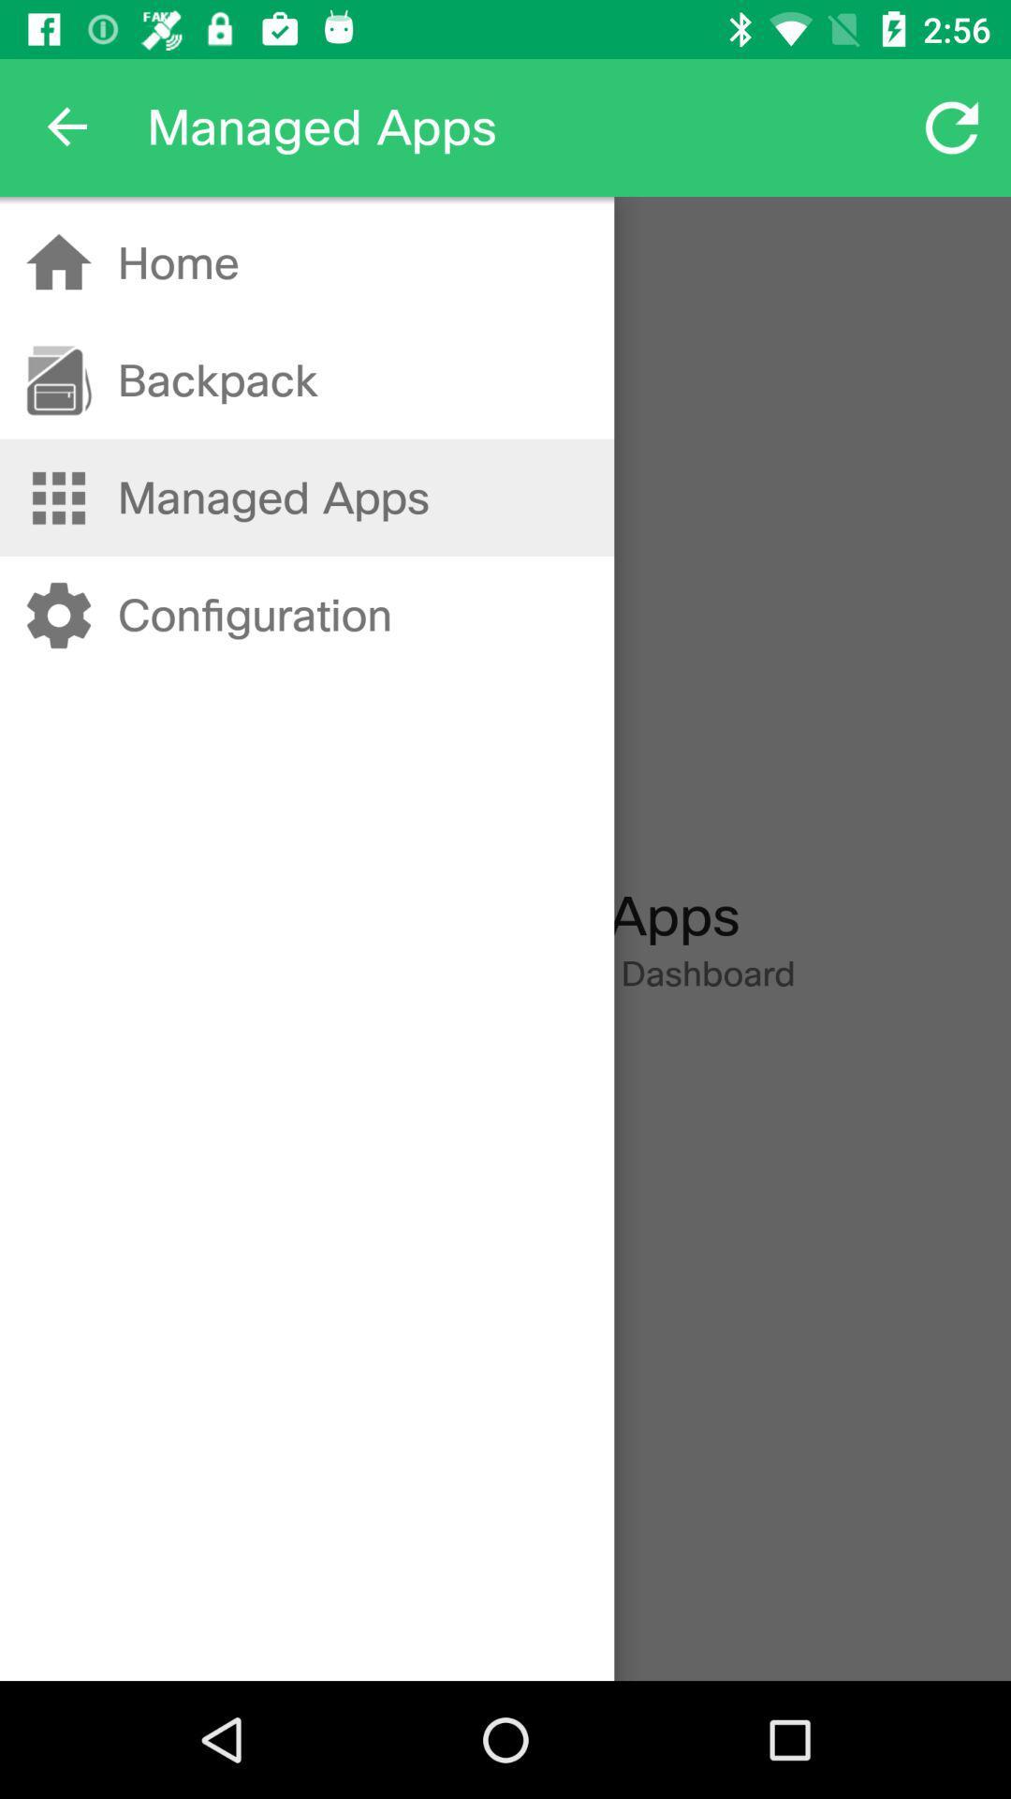 The width and height of the screenshot is (1011, 1799). What do you see at coordinates (952, 126) in the screenshot?
I see `icon at the top right corner` at bounding box center [952, 126].